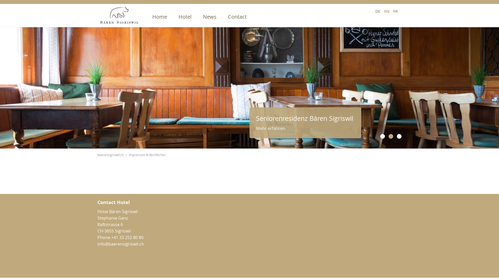  Describe the element at coordinates (395, 11) in the screenshot. I see `'FR'` at that location.